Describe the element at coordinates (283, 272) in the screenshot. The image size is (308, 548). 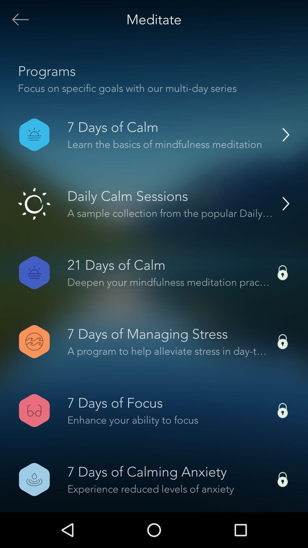
I see `the first lock symbol` at that location.